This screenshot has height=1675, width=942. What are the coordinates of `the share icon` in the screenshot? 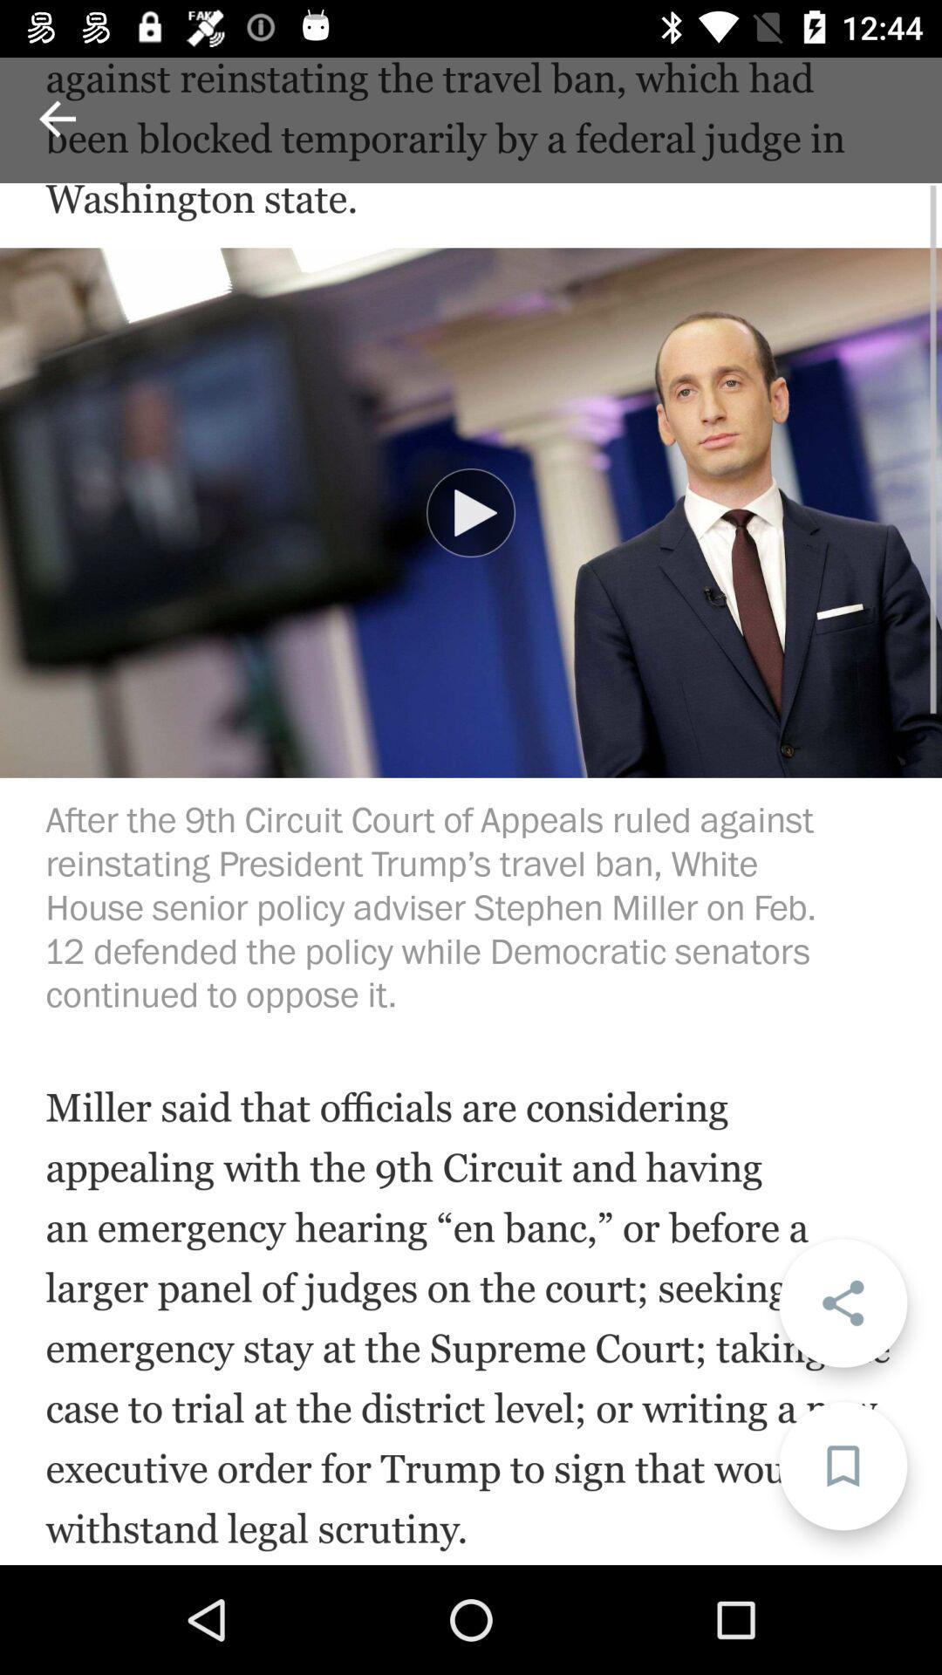 It's located at (842, 1302).